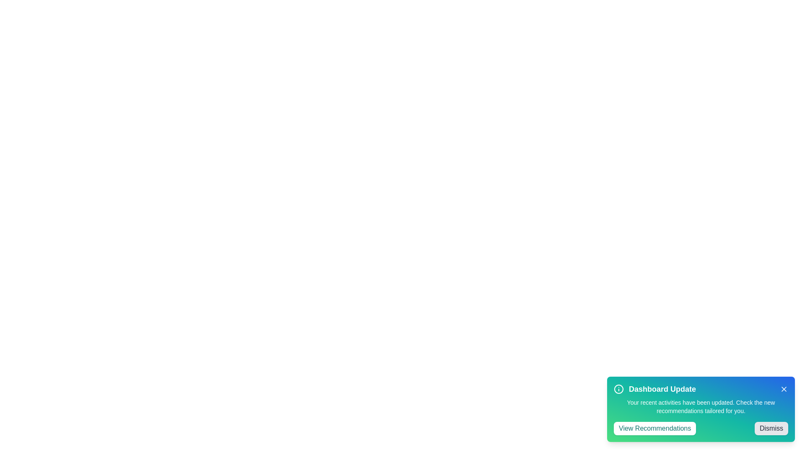 The height and width of the screenshot is (452, 805). Describe the element at coordinates (771, 428) in the screenshot. I see `the 'Dismiss' button to hide the alert` at that location.